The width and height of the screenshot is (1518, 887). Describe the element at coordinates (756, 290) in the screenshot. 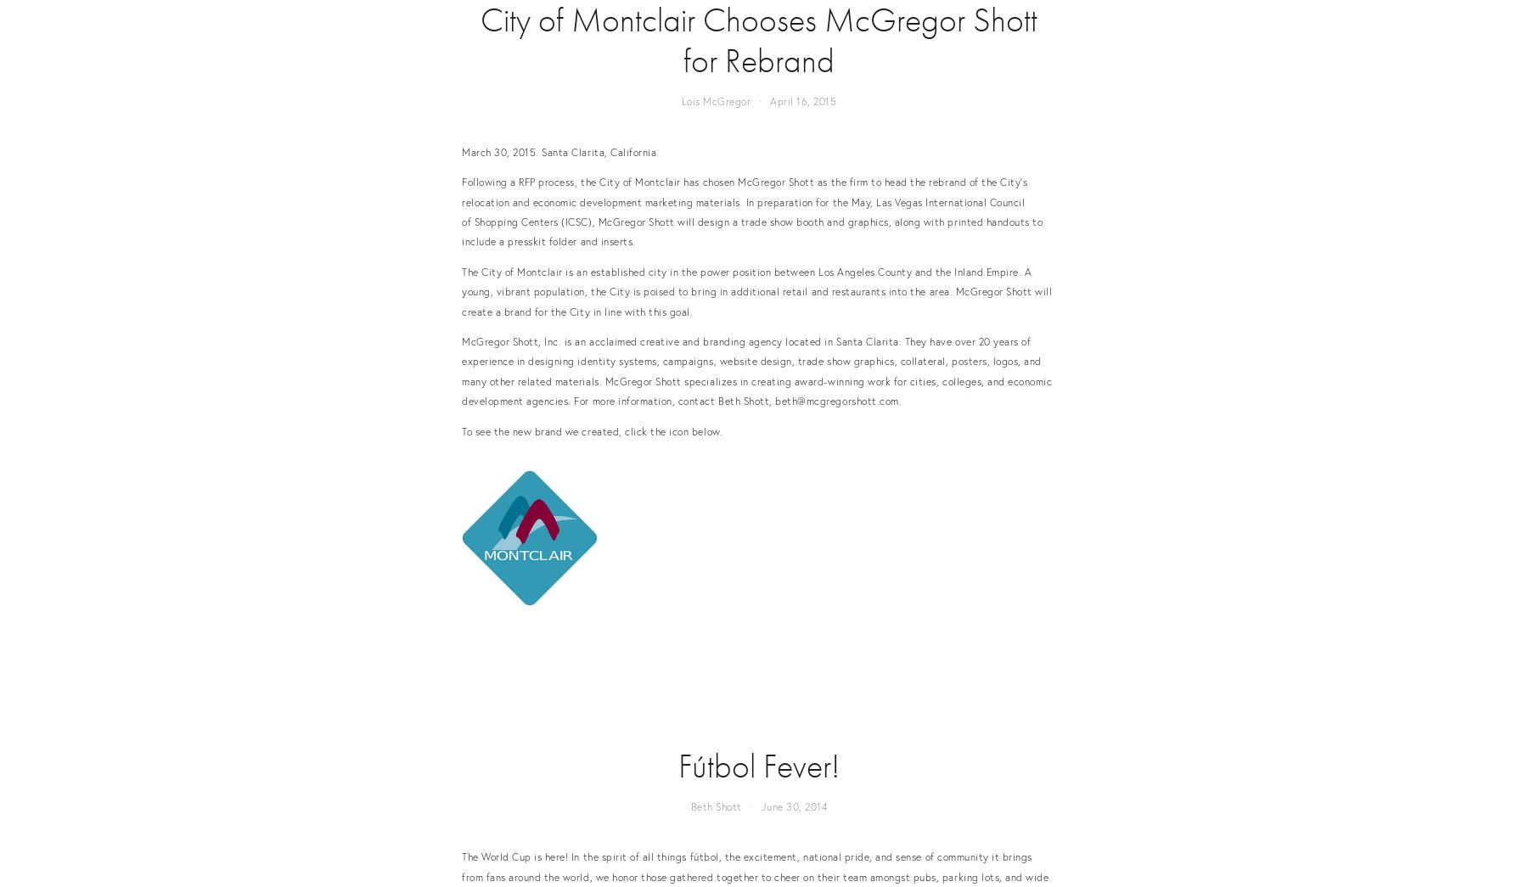

I see `'The City of Montclair is an established city in the power position between Los Angeles County and the Inland Empire. A young, vibrant population, the City is poised to bring in additional retail and restaurants into the area. McGregor Shott will create a brand for the City in line with this goal.'` at that location.